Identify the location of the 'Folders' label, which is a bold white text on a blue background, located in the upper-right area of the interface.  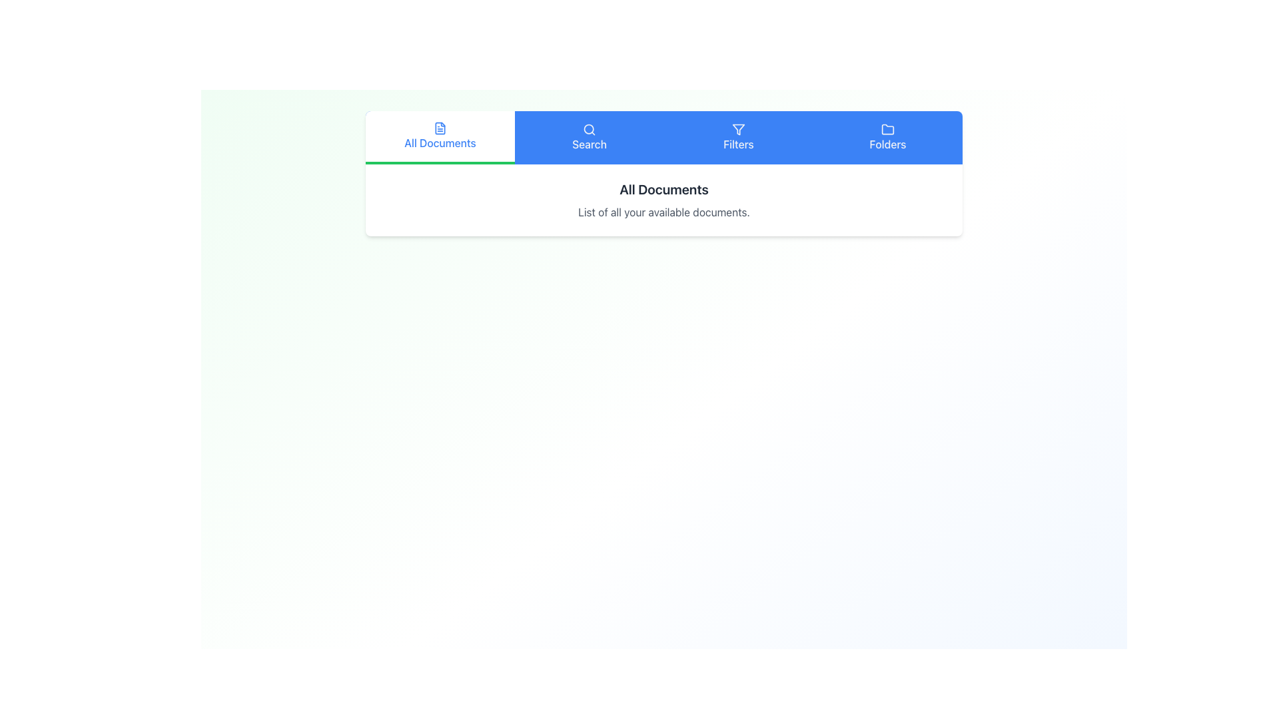
(888, 144).